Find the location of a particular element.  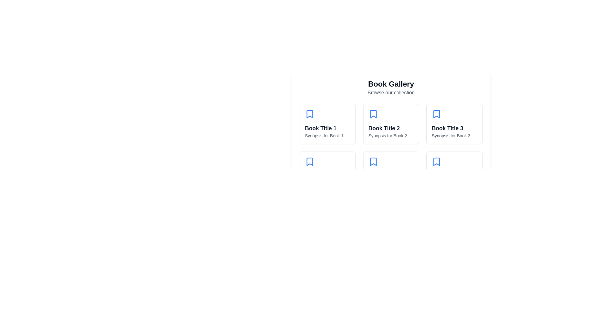

the text label 'Book Title 3', which is styled in bold and dark gray color, located at the top-right section of the third card in a grid layout is located at coordinates (447, 128).